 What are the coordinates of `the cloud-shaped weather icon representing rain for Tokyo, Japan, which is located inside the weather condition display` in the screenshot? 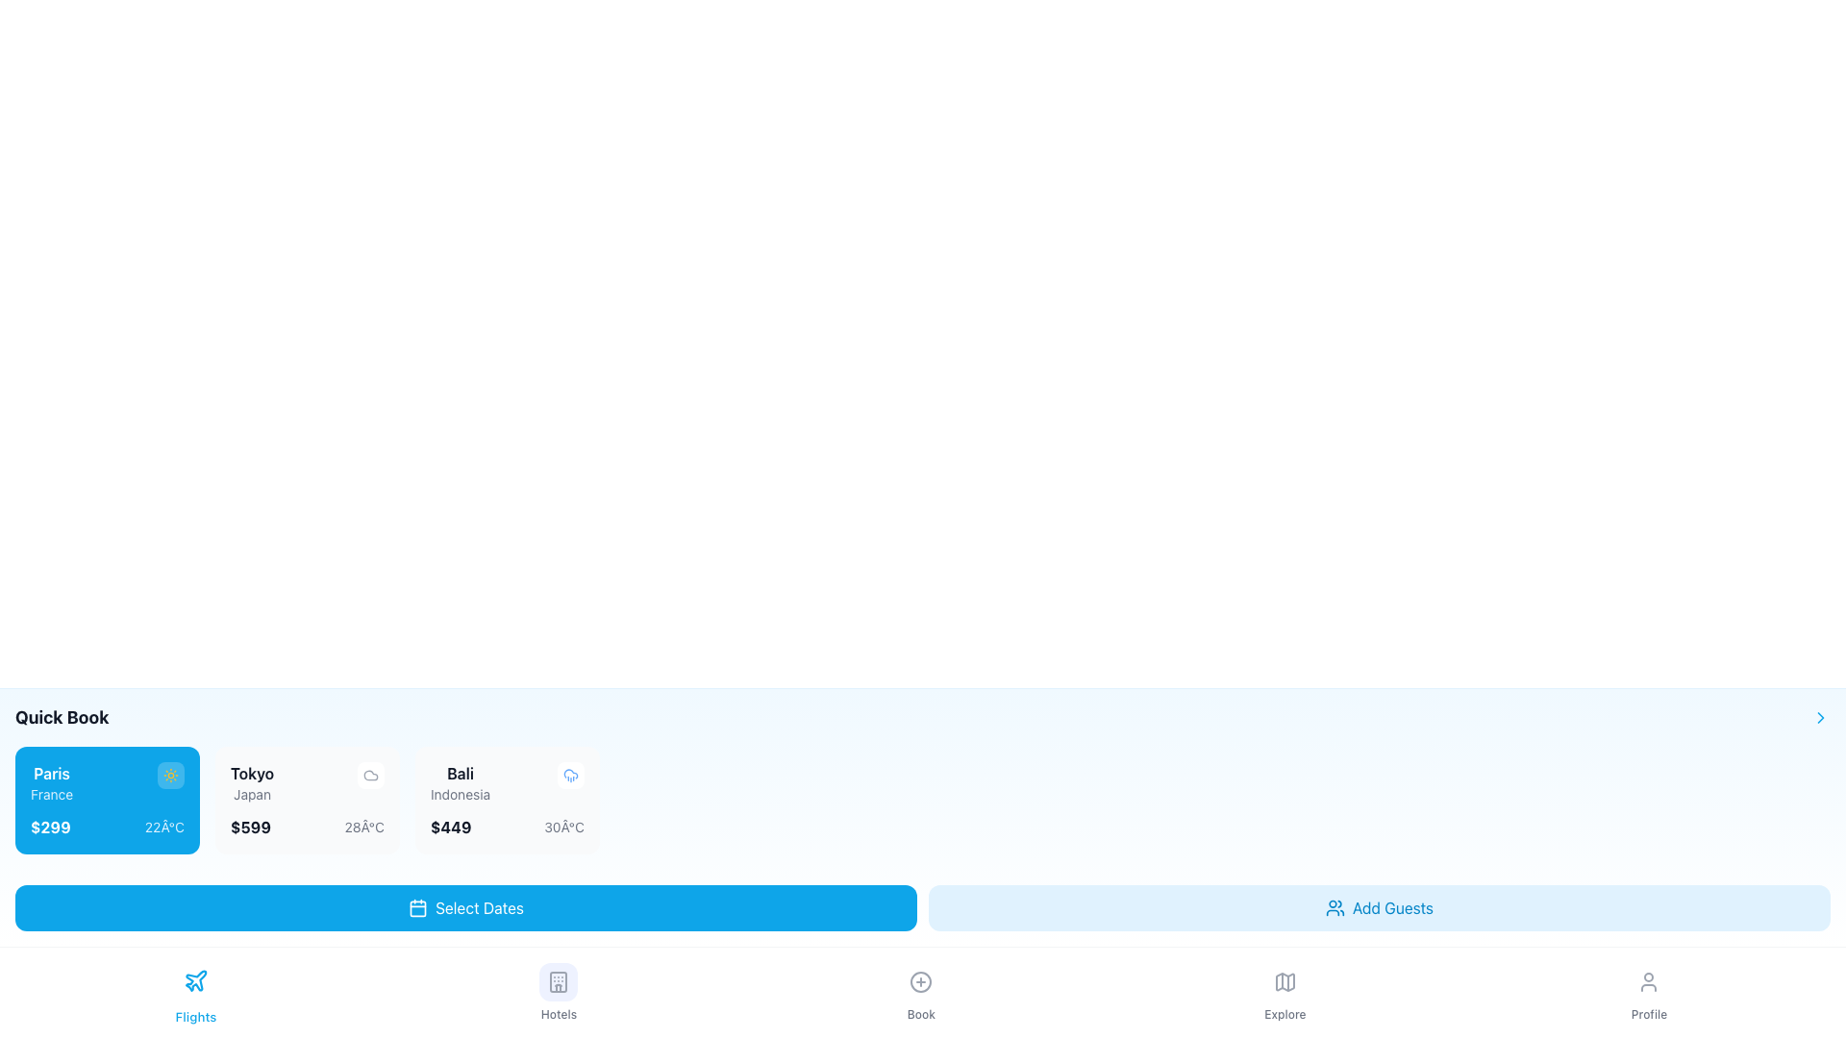 It's located at (570, 773).